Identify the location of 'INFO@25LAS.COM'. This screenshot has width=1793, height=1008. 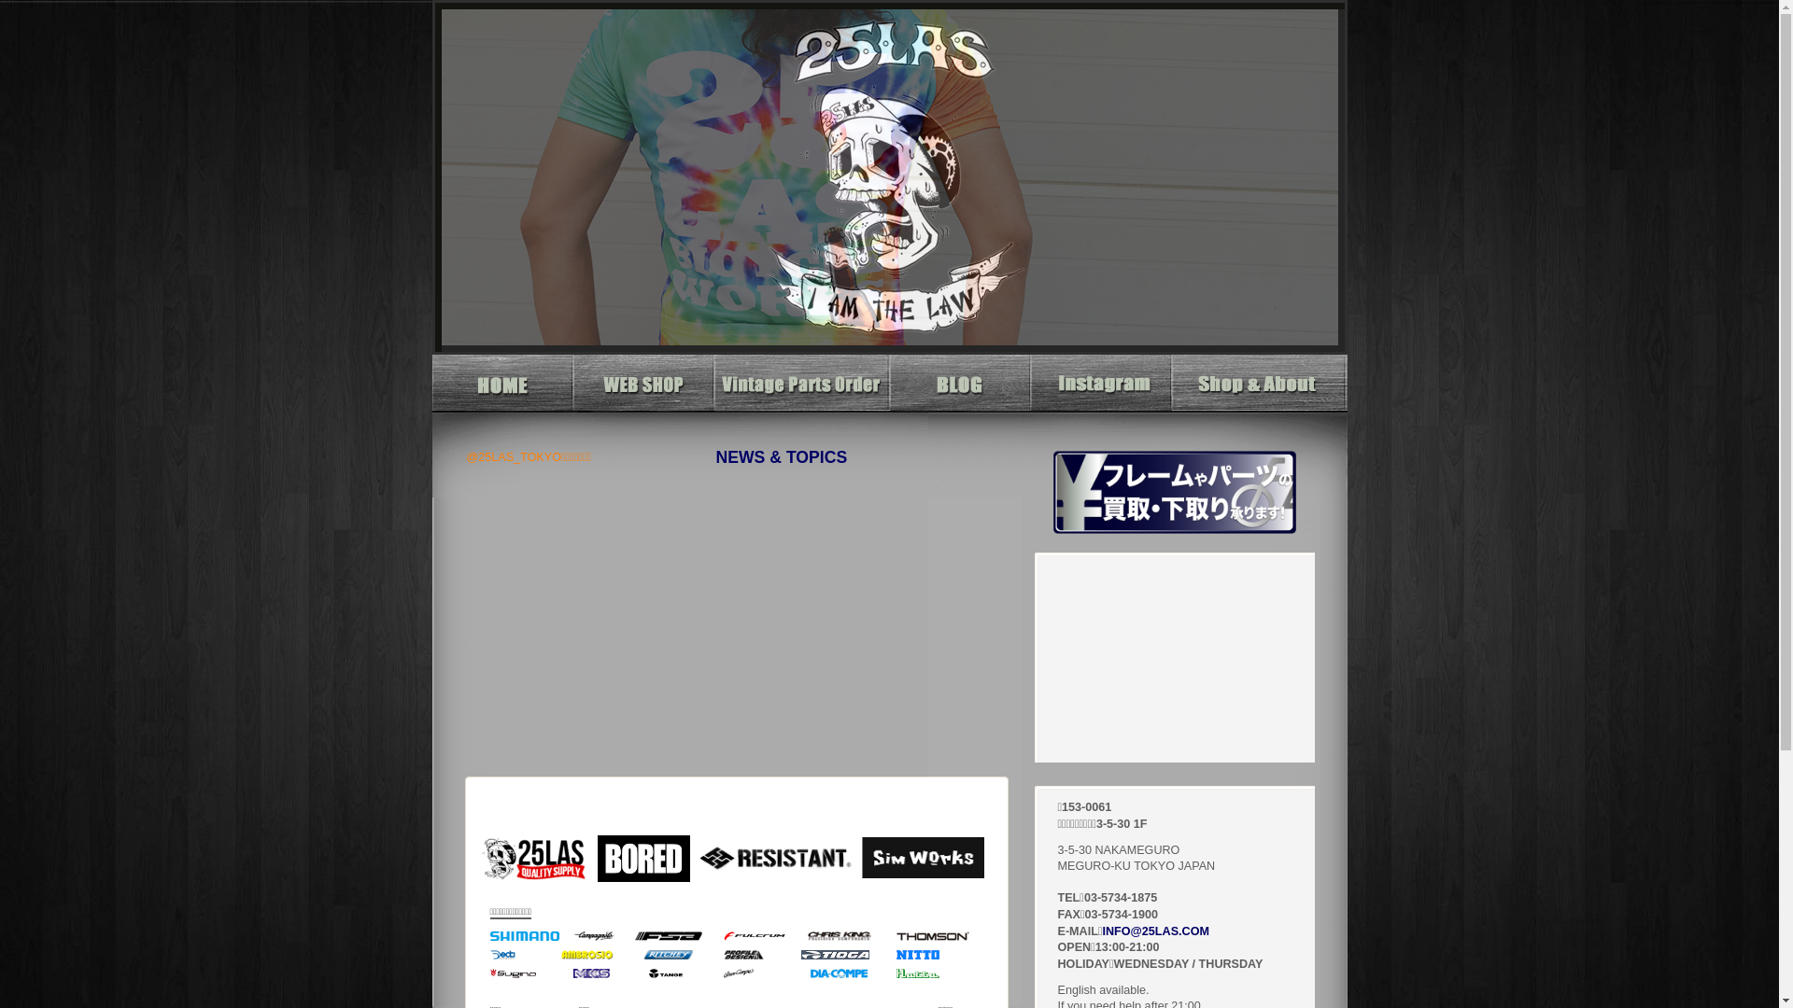
(1154, 931).